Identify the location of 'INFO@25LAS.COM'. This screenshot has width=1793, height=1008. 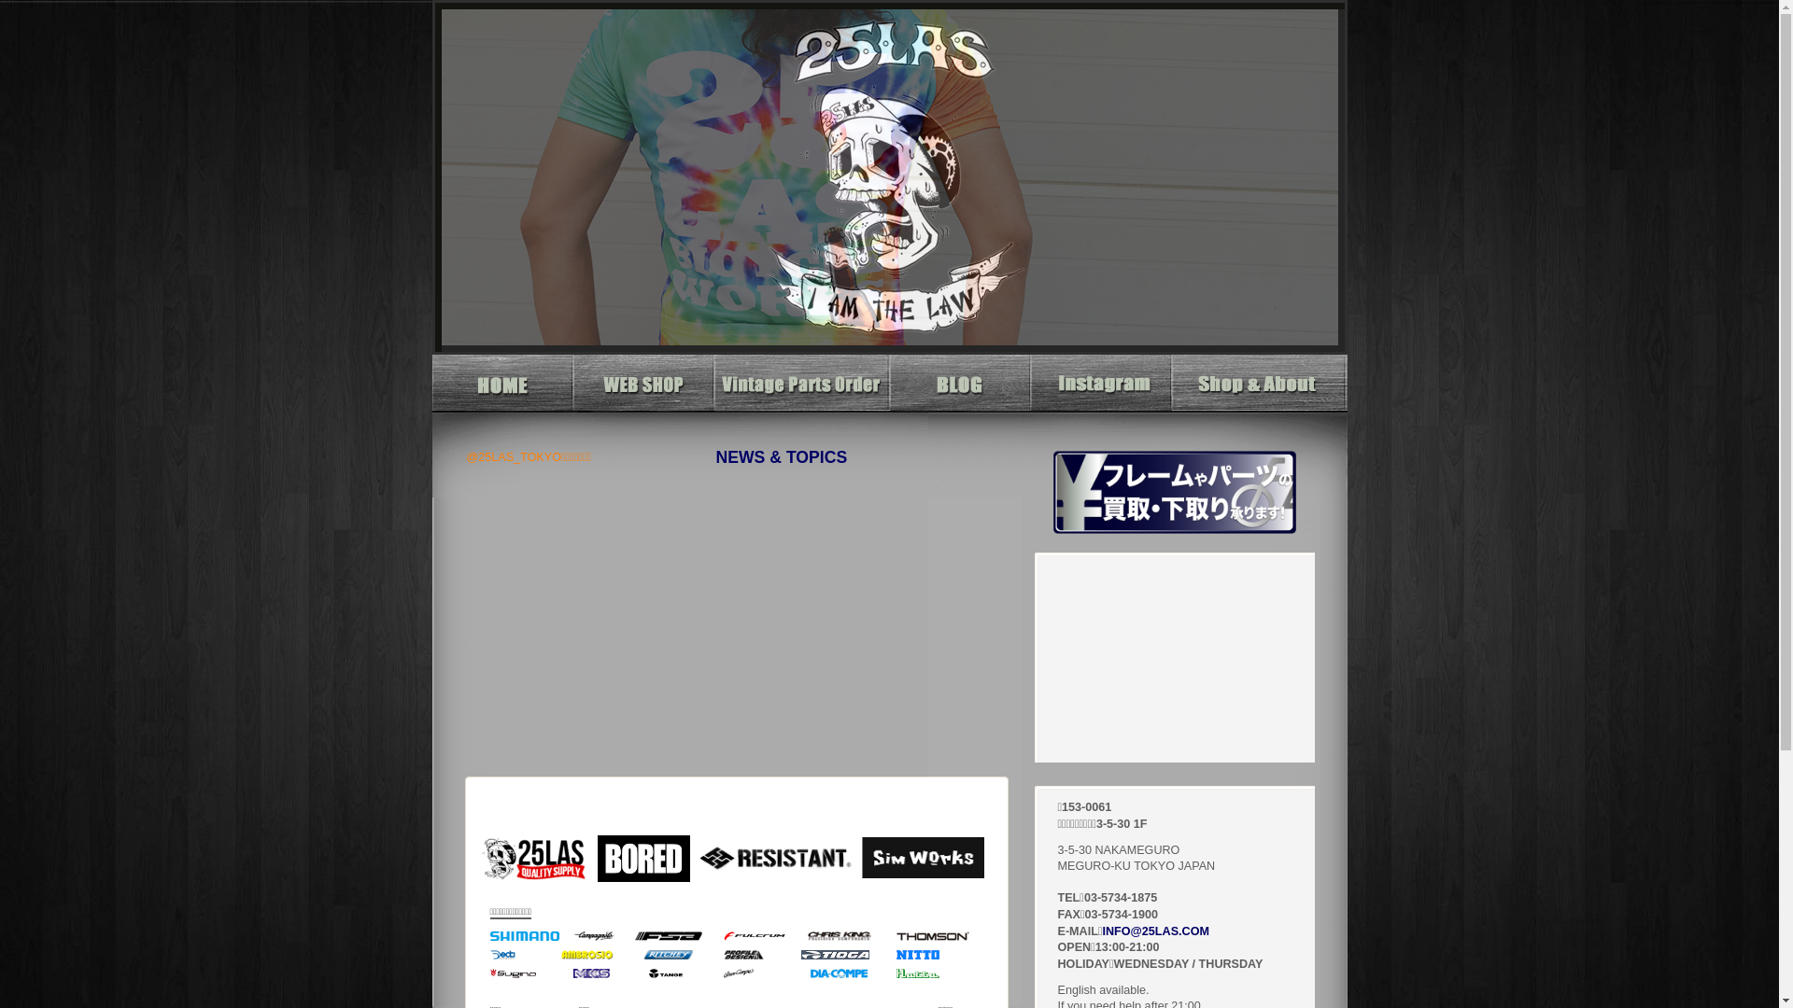
(1154, 931).